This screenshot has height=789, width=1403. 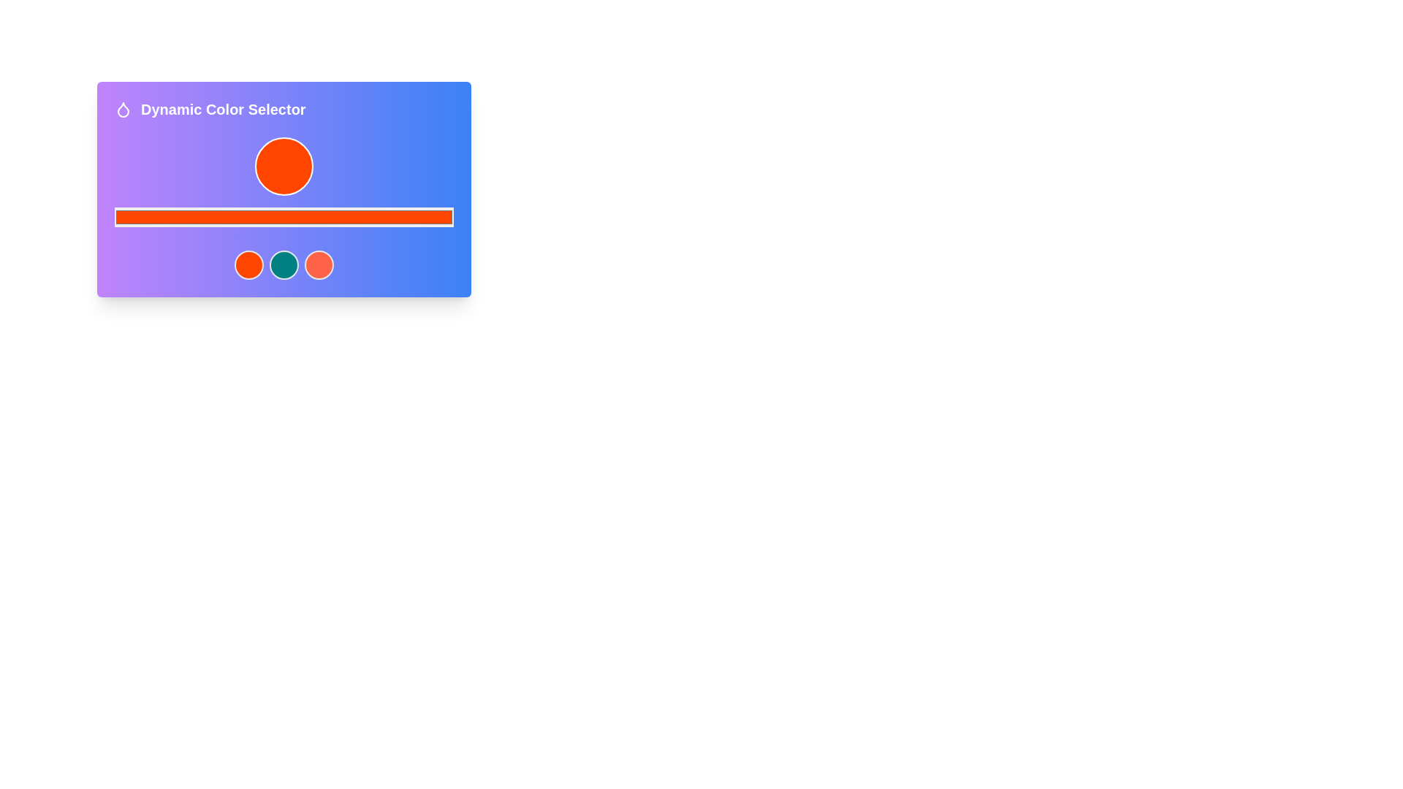 I want to click on the decorative visual representing the selected color in the color picker interface, which is centrally placed near the top of the area, above a rectangular bar and a row of three smaller circular buttons, so click(x=284, y=165).